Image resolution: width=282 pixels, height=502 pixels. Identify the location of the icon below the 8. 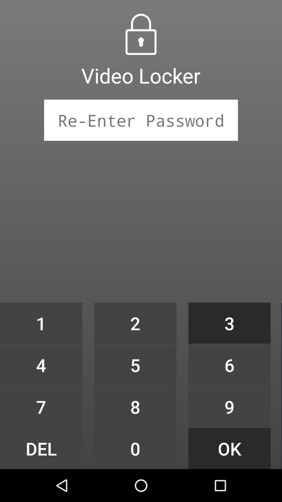
(135, 448).